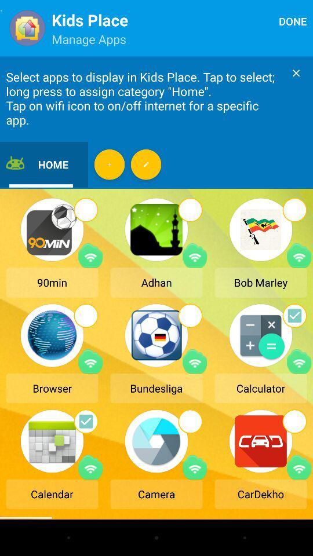  I want to click on on/off internet, so click(90, 467).